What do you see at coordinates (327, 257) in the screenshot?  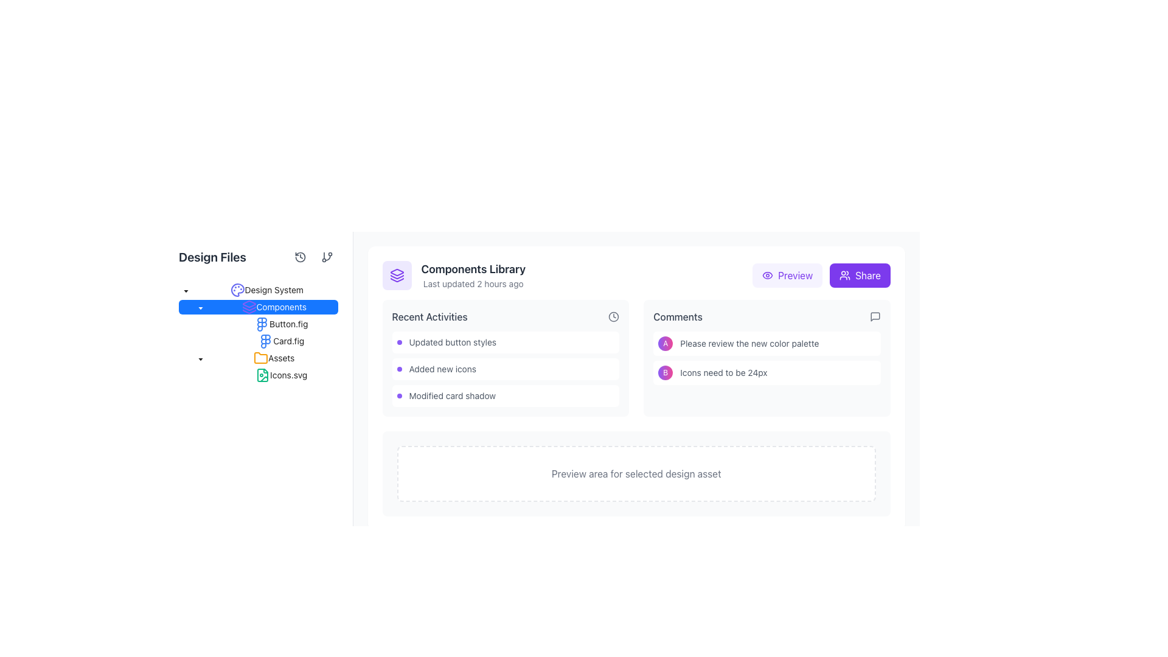 I see `the branch icon representing git branching located in the left menu under 'Components'` at bounding box center [327, 257].